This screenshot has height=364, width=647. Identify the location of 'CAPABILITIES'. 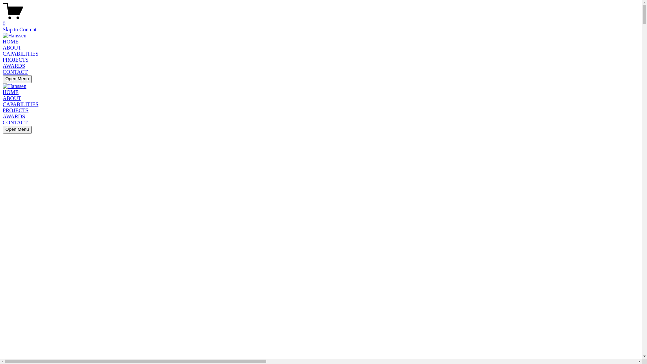
(21, 53).